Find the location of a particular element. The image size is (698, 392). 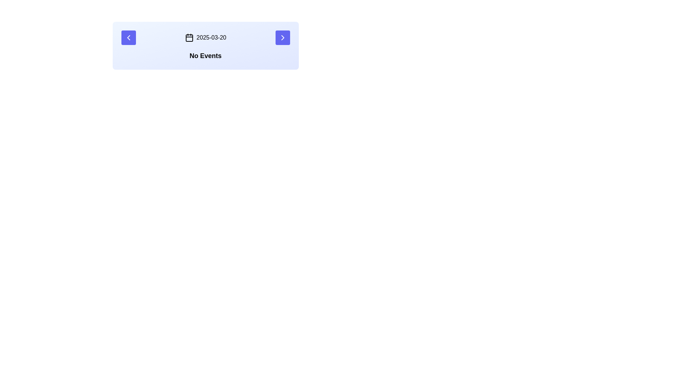

the rightward-pointing chevron icon, which is located inside a light-blue circular button at the far-right of a horizontal panel for navigation is located at coordinates (282, 38).